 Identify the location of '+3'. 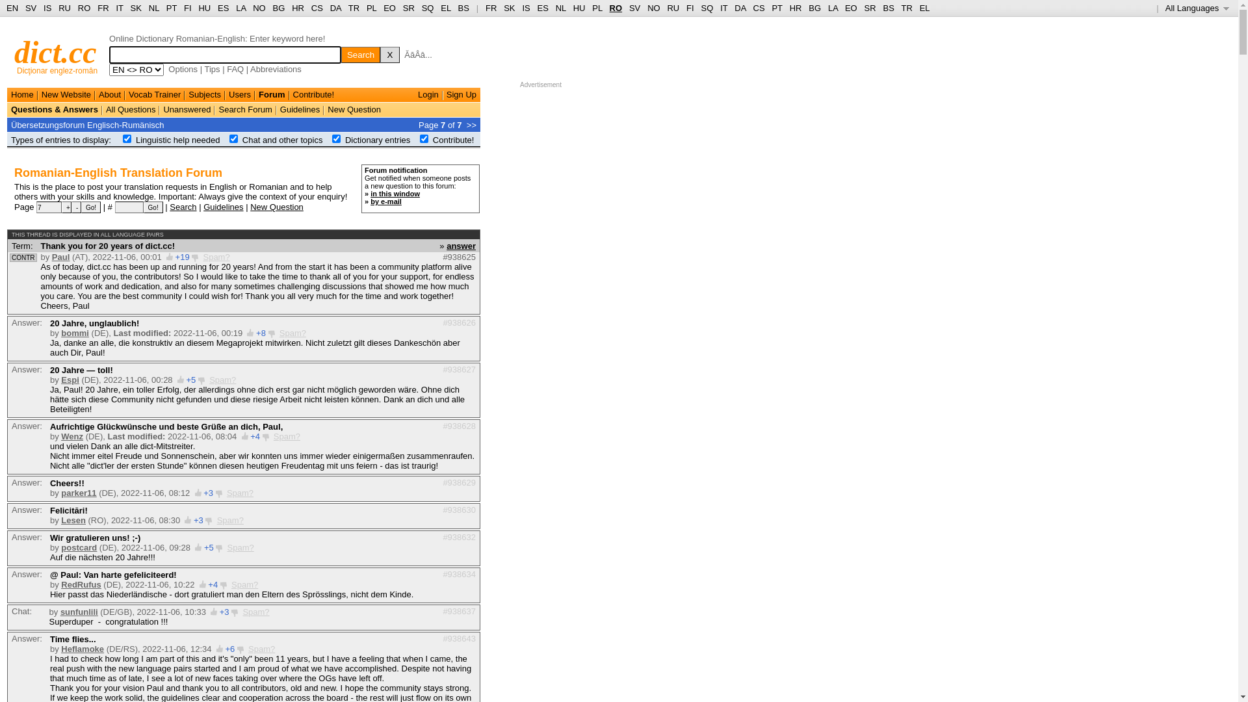
(198, 519).